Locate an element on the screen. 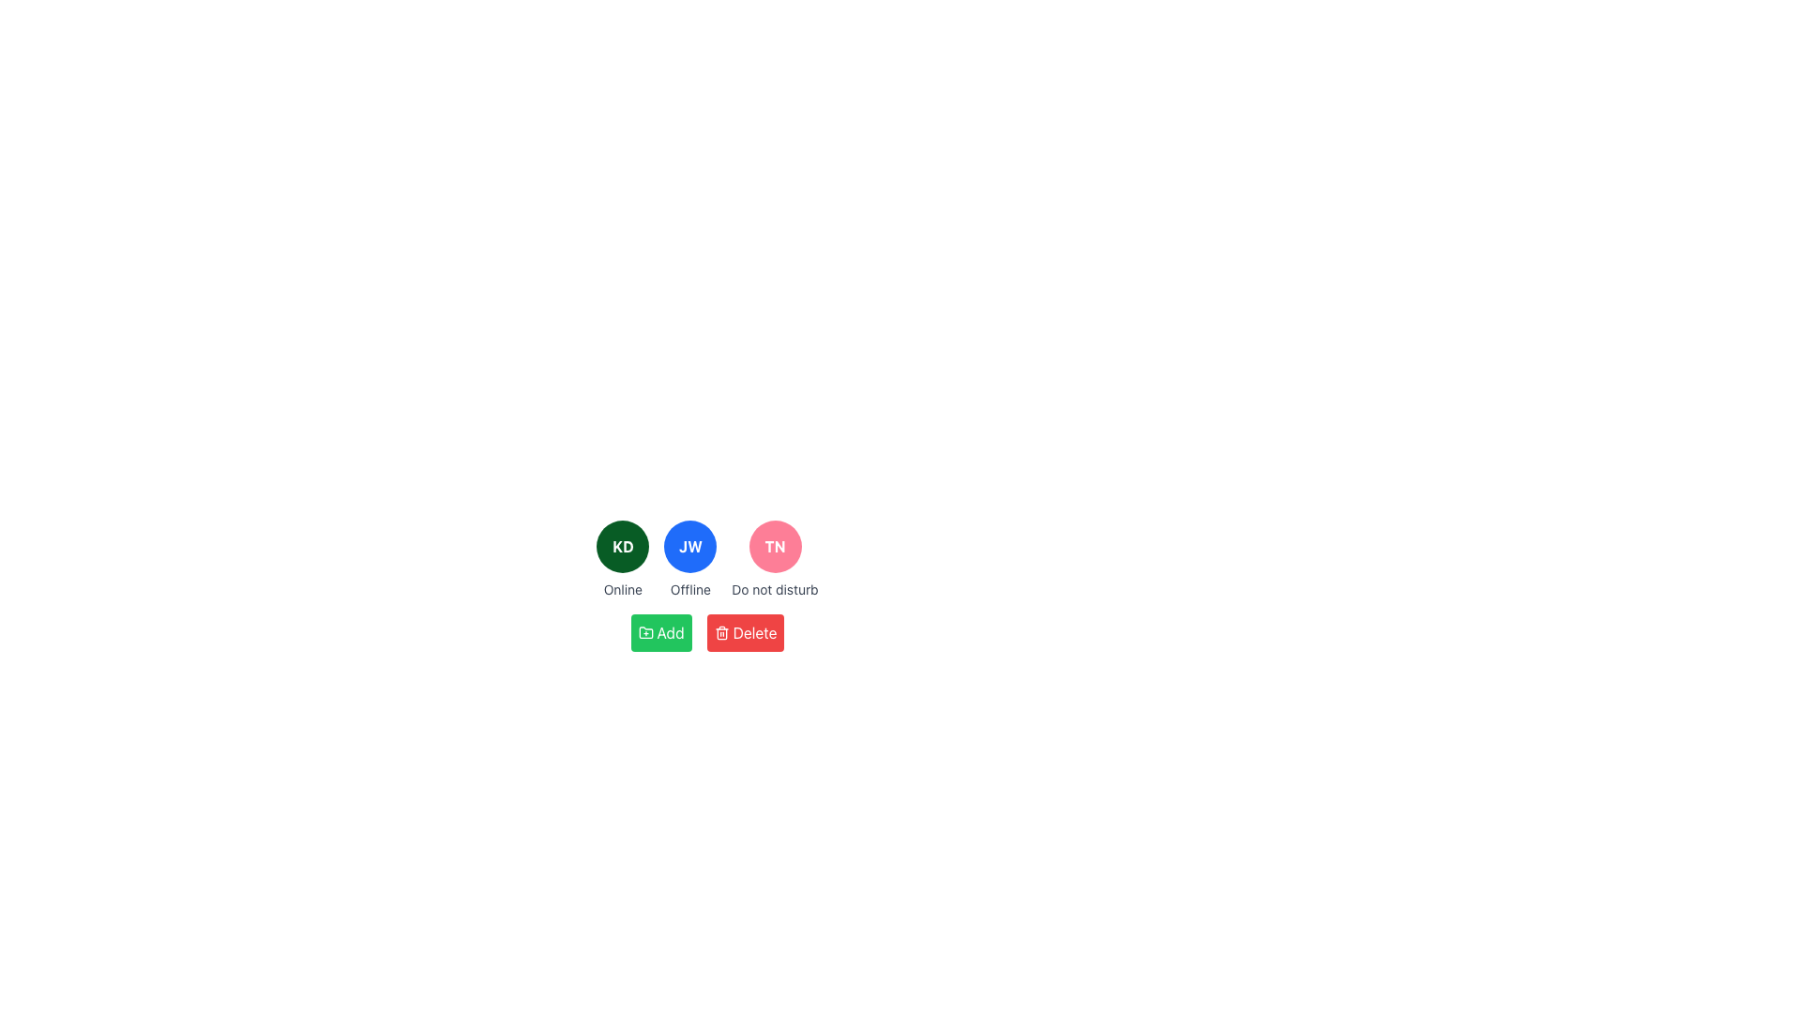 This screenshot has height=1013, width=1801. the delete button located to the right of the green 'Add' button is located at coordinates (745, 633).